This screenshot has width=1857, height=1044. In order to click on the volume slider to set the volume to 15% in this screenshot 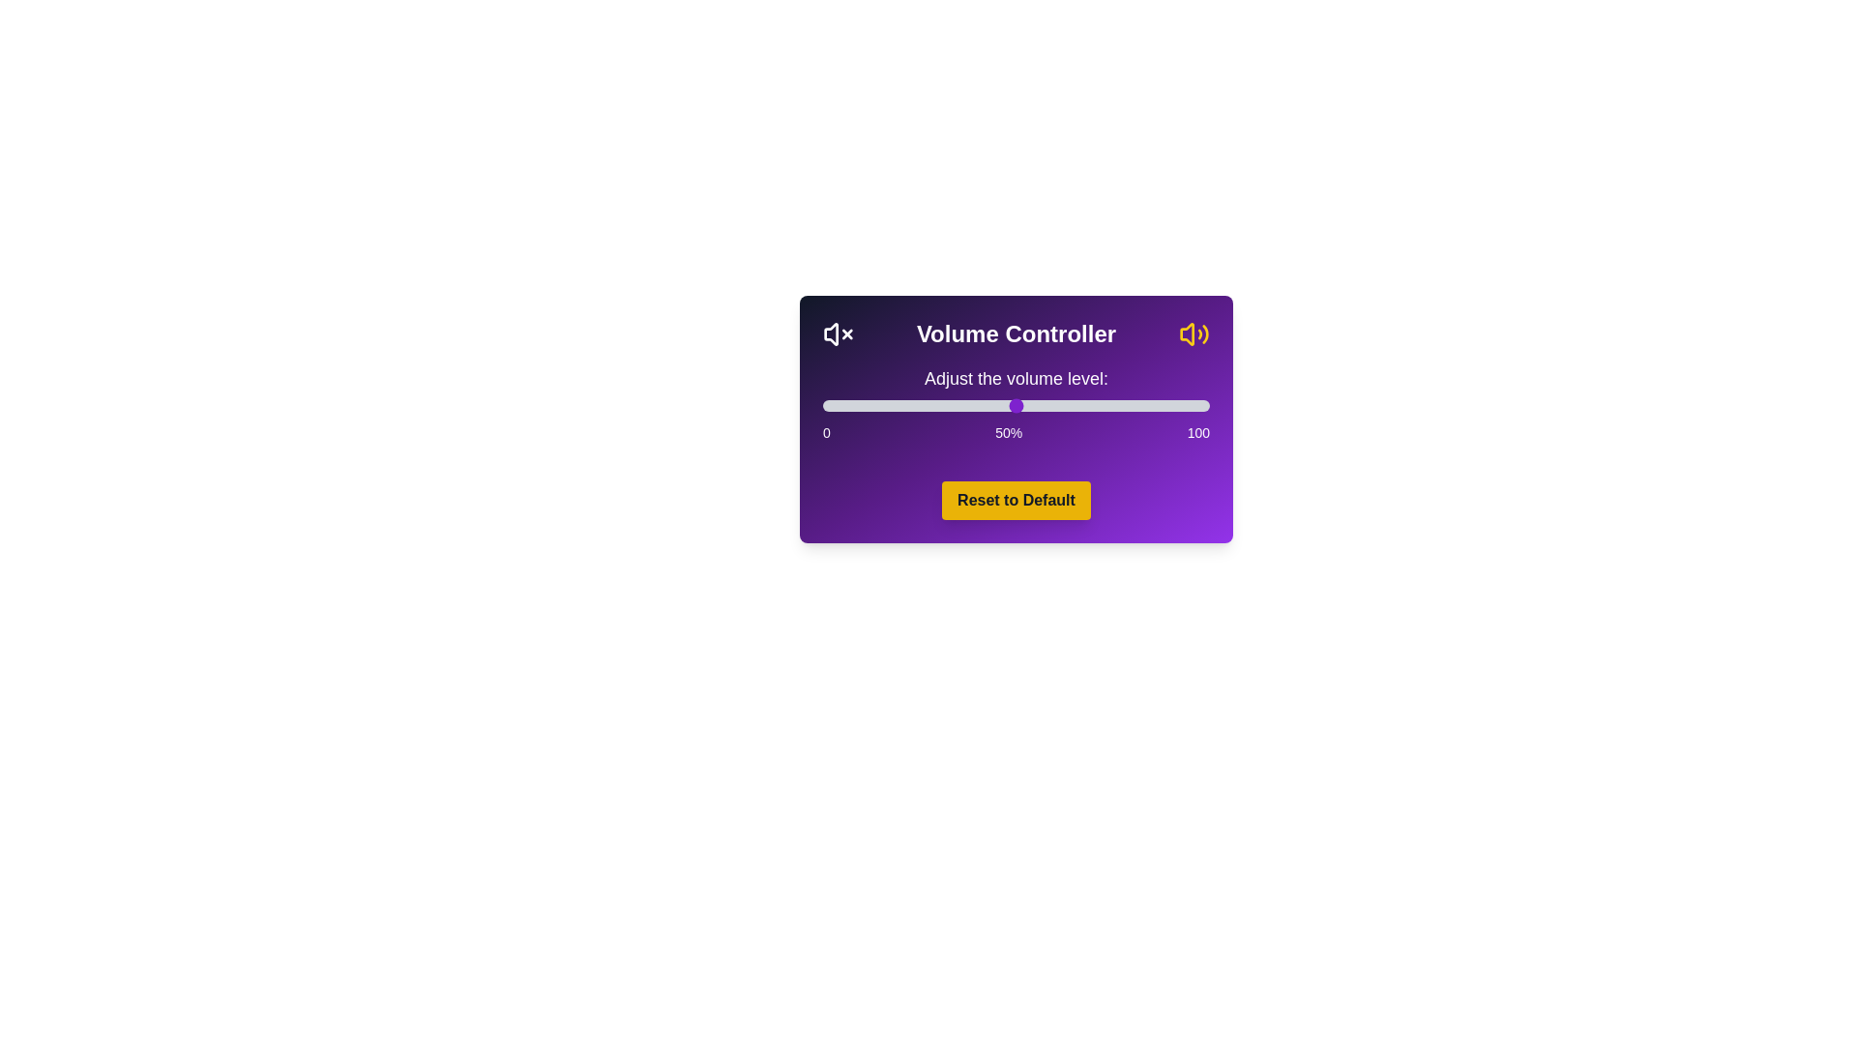, I will do `click(880, 405)`.